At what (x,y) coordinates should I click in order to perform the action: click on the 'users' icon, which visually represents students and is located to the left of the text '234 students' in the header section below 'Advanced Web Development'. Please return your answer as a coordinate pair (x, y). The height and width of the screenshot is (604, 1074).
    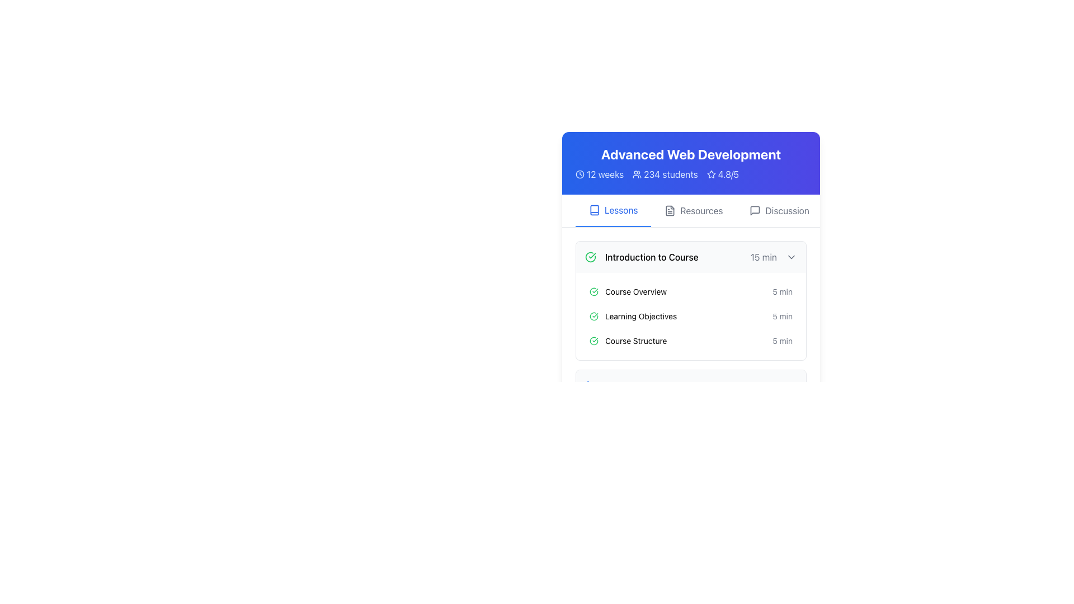
    Looking at the image, I should click on (637, 174).